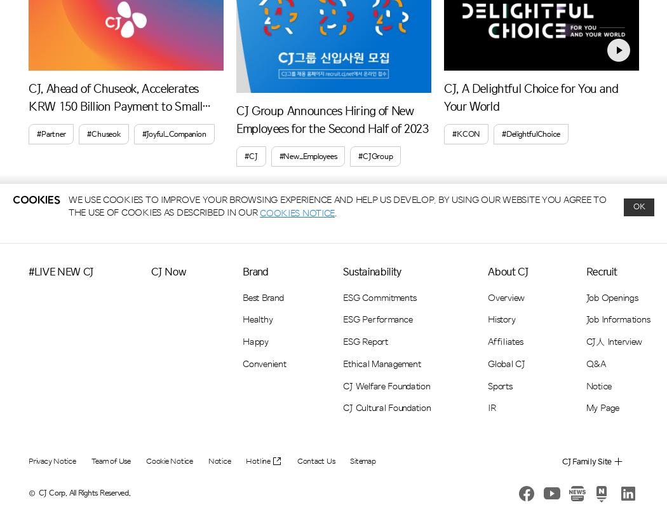  What do you see at coordinates (364, 341) in the screenshot?
I see `'ESG Report'` at bounding box center [364, 341].